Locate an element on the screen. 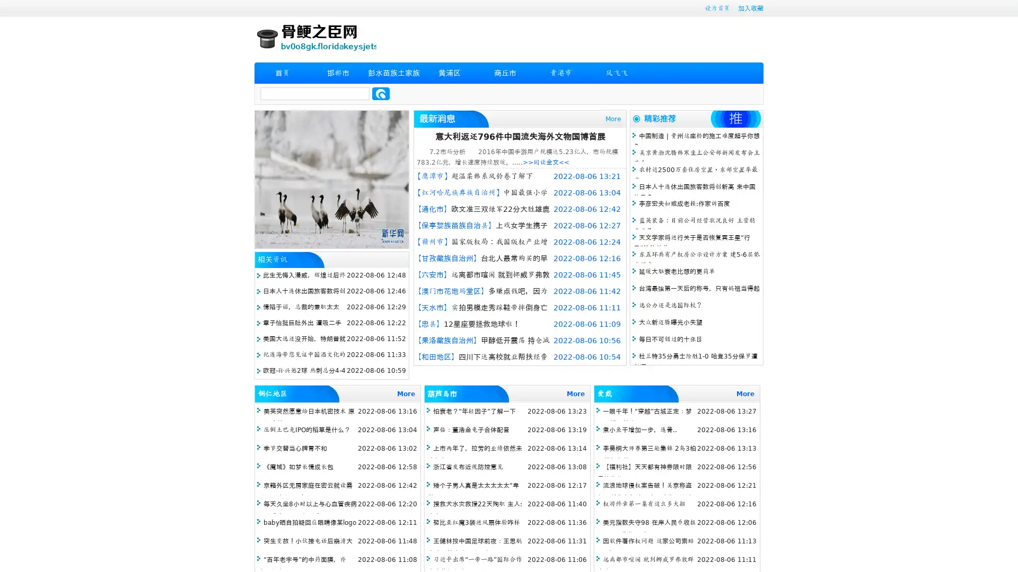 The height and width of the screenshot is (572, 1018). Search is located at coordinates (381, 93).